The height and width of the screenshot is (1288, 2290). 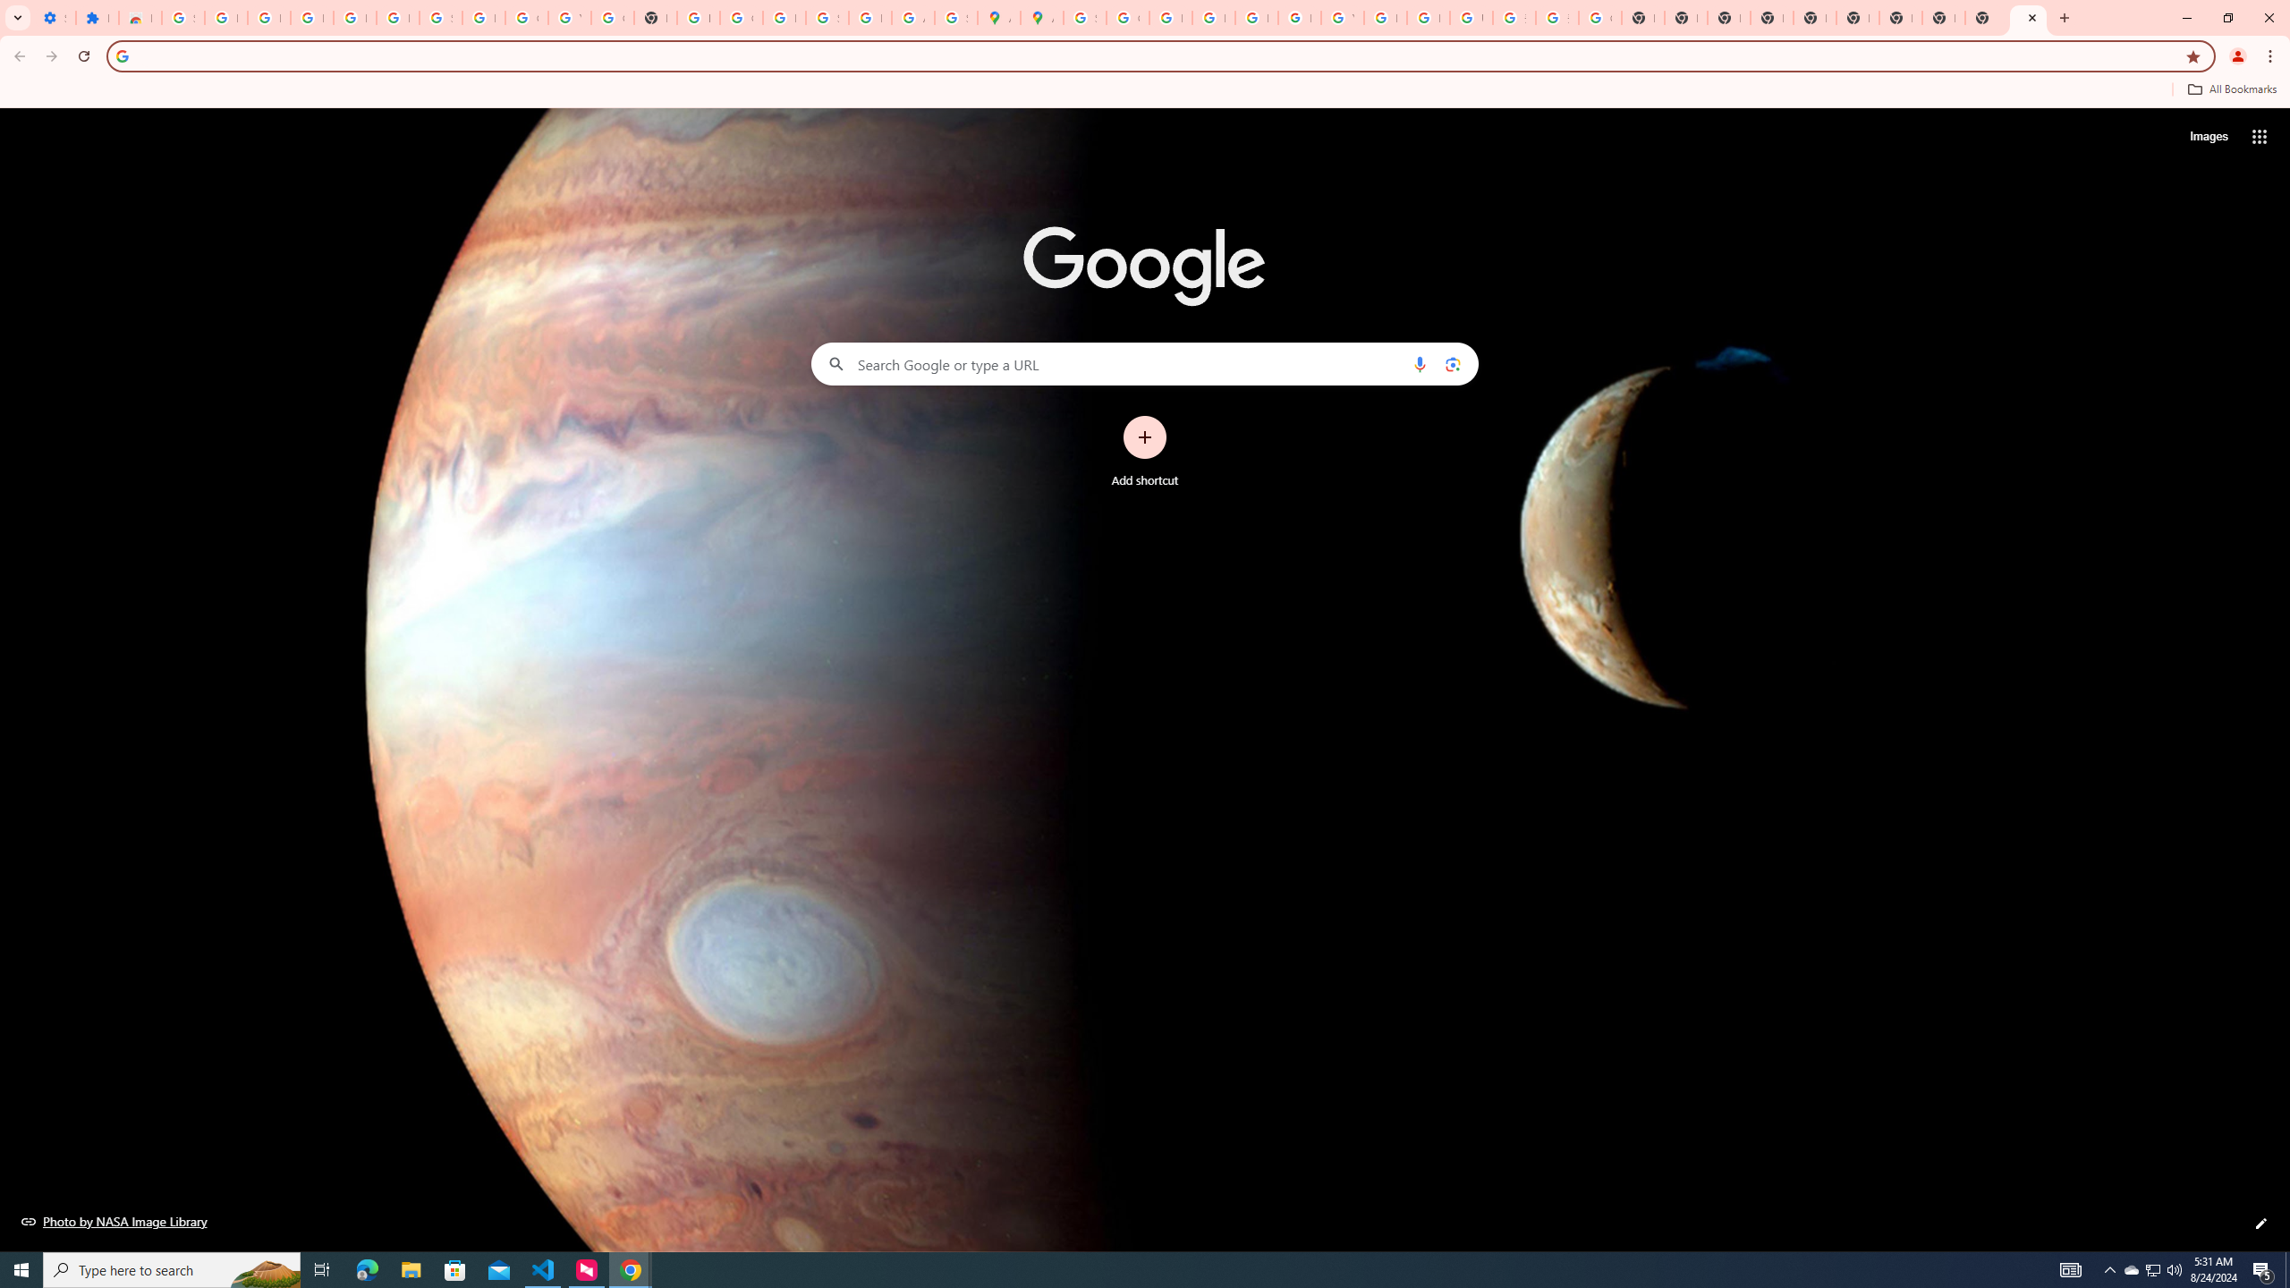 What do you see at coordinates (525, 17) in the screenshot?
I see `'Google Account'` at bounding box center [525, 17].